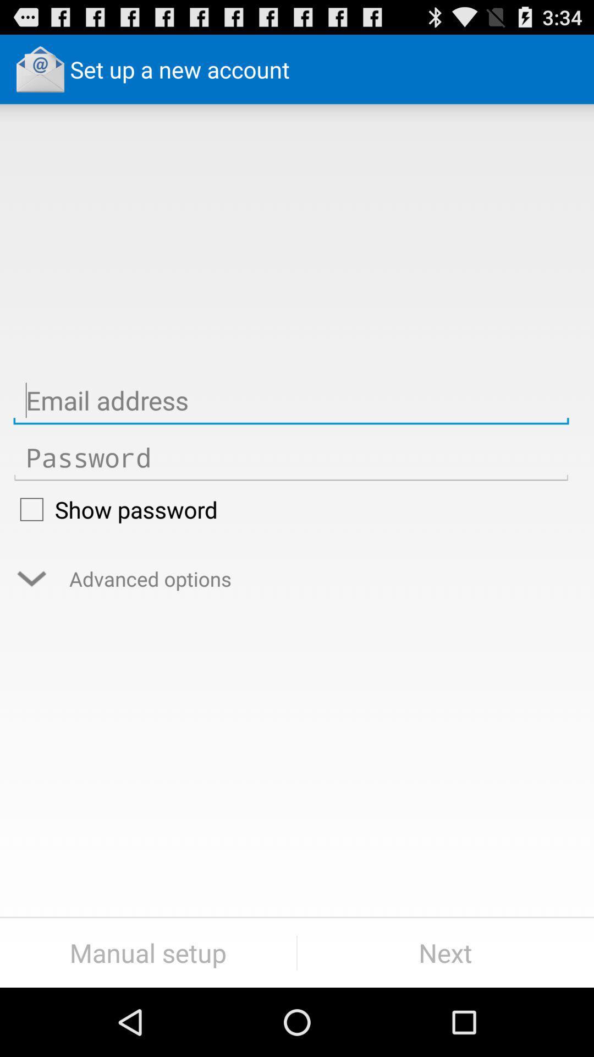 The height and width of the screenshot is (1057, 594). What do you see at coordinates (147, 952) in the screenshot?
I see `button next to next item` at bounding box center [147, 952].